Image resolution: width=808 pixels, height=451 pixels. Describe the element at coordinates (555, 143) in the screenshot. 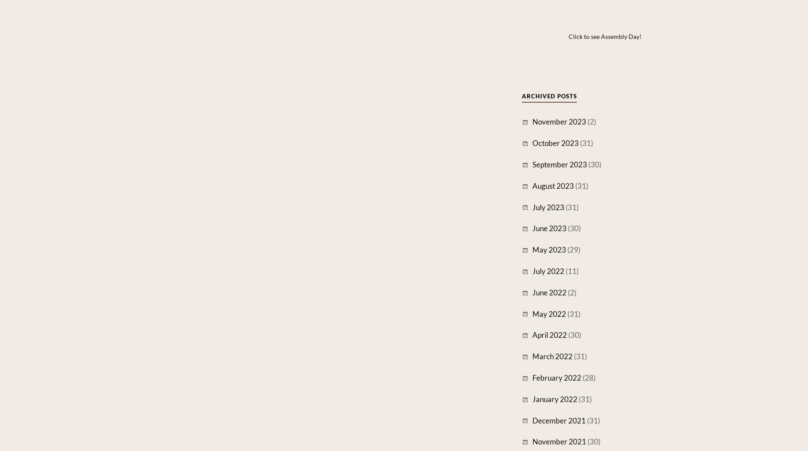

I see `'October 2023'` at that location.